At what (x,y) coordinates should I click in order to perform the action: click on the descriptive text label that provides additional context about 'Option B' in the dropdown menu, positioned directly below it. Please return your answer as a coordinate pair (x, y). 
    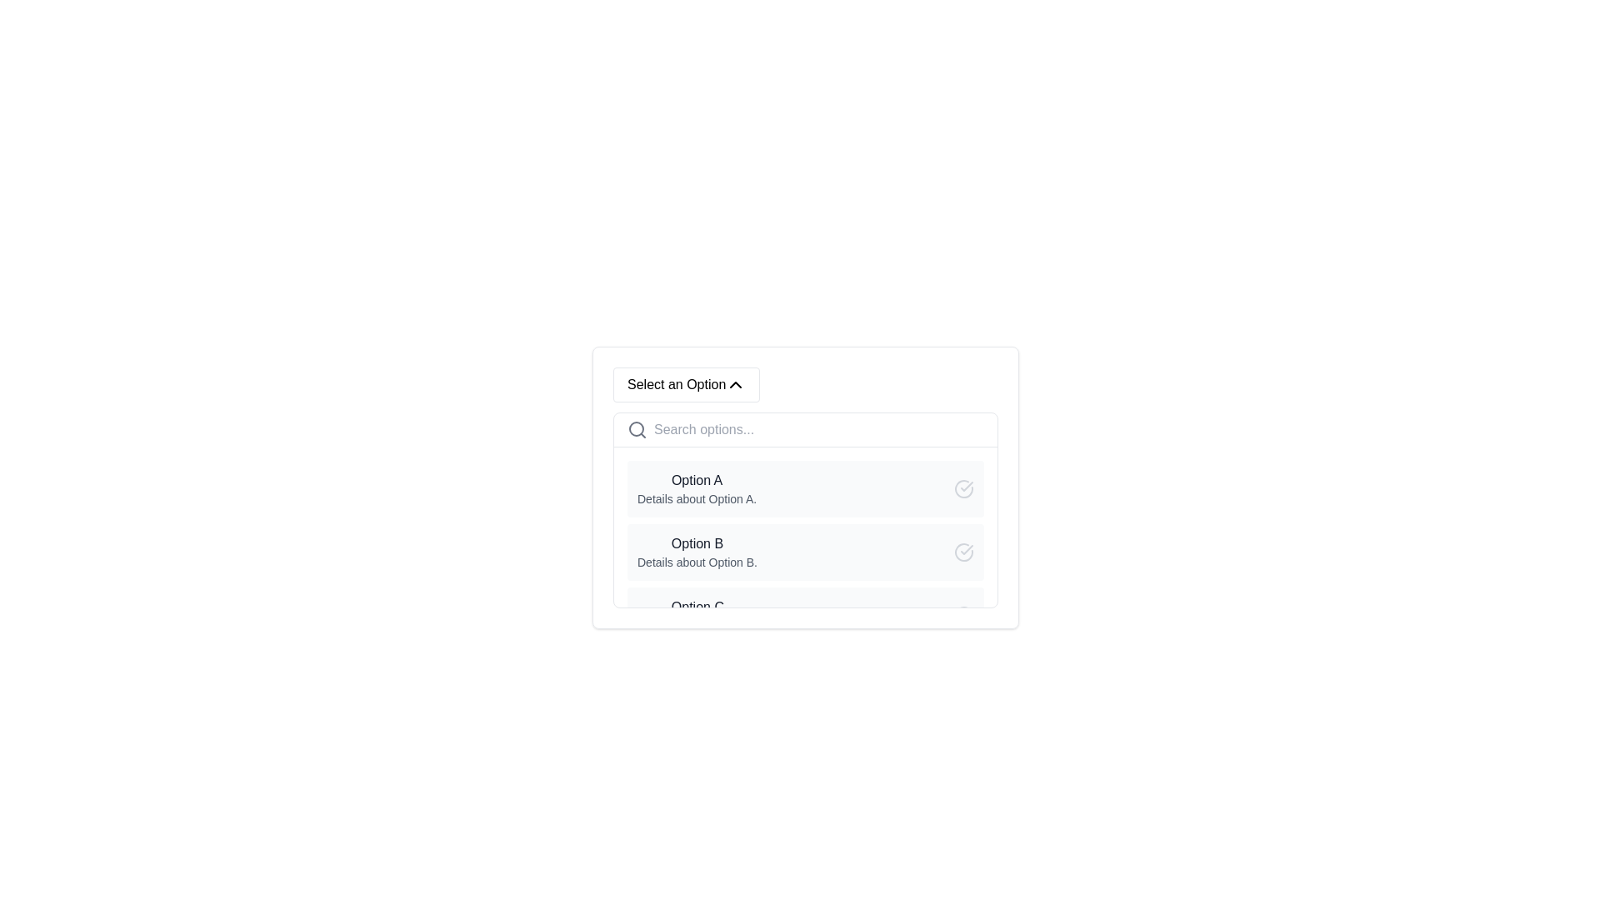
    Looking at the image, I should click on (697, 562).